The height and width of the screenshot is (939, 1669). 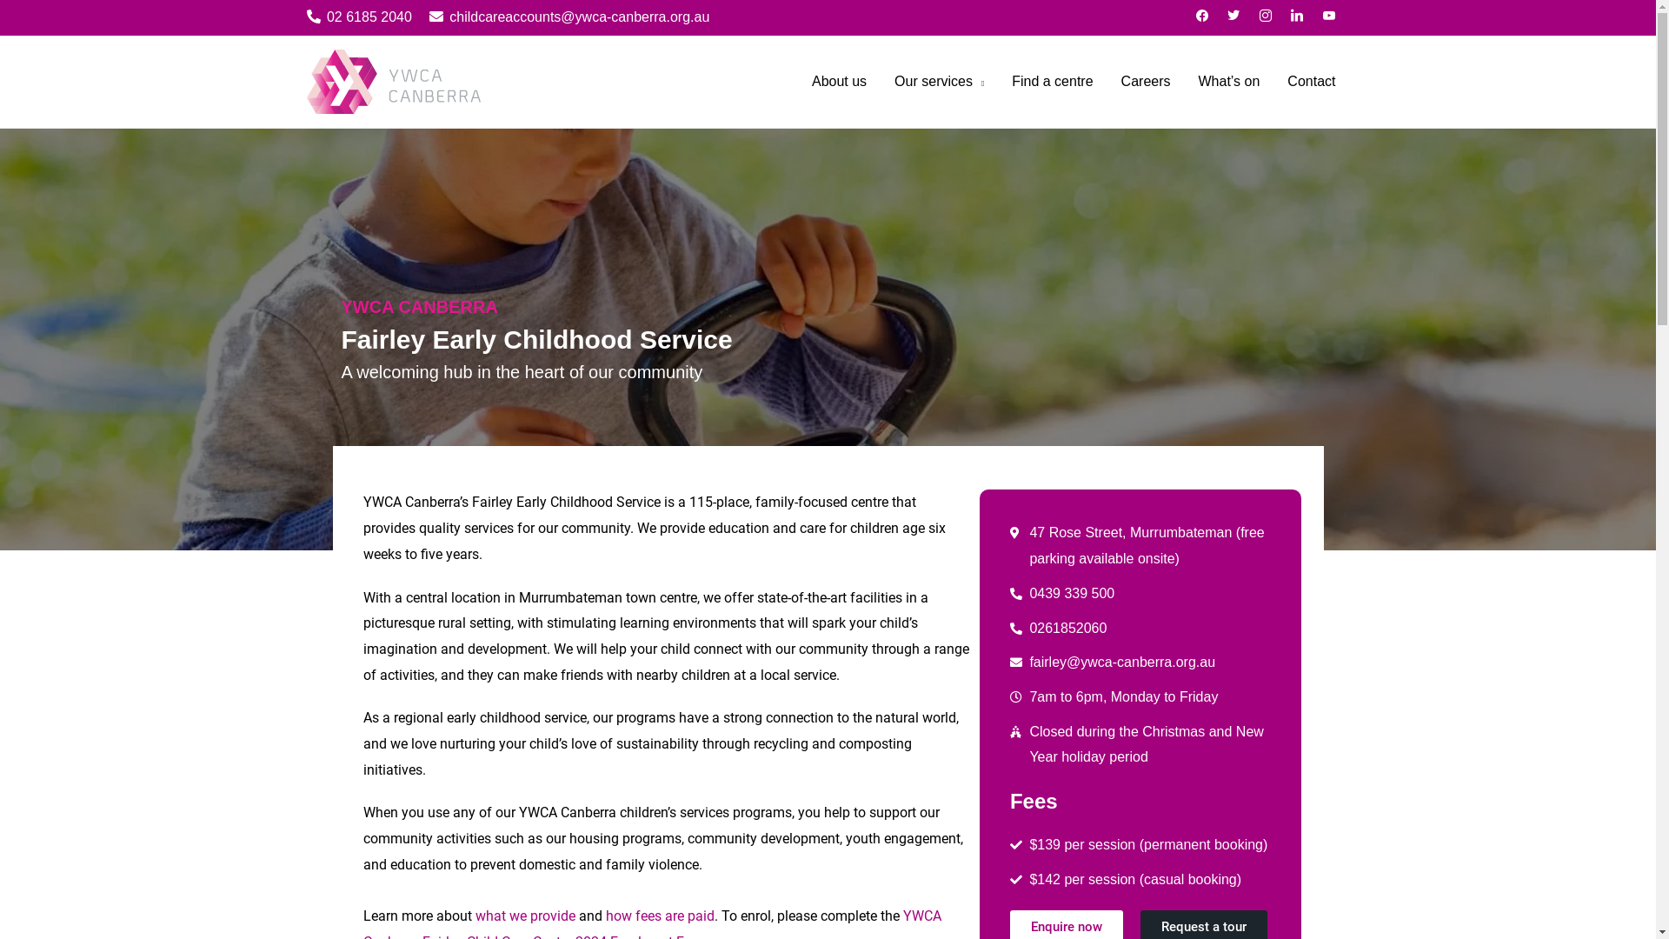 I want to click on 'Contact', so click(x=1273, y=82).